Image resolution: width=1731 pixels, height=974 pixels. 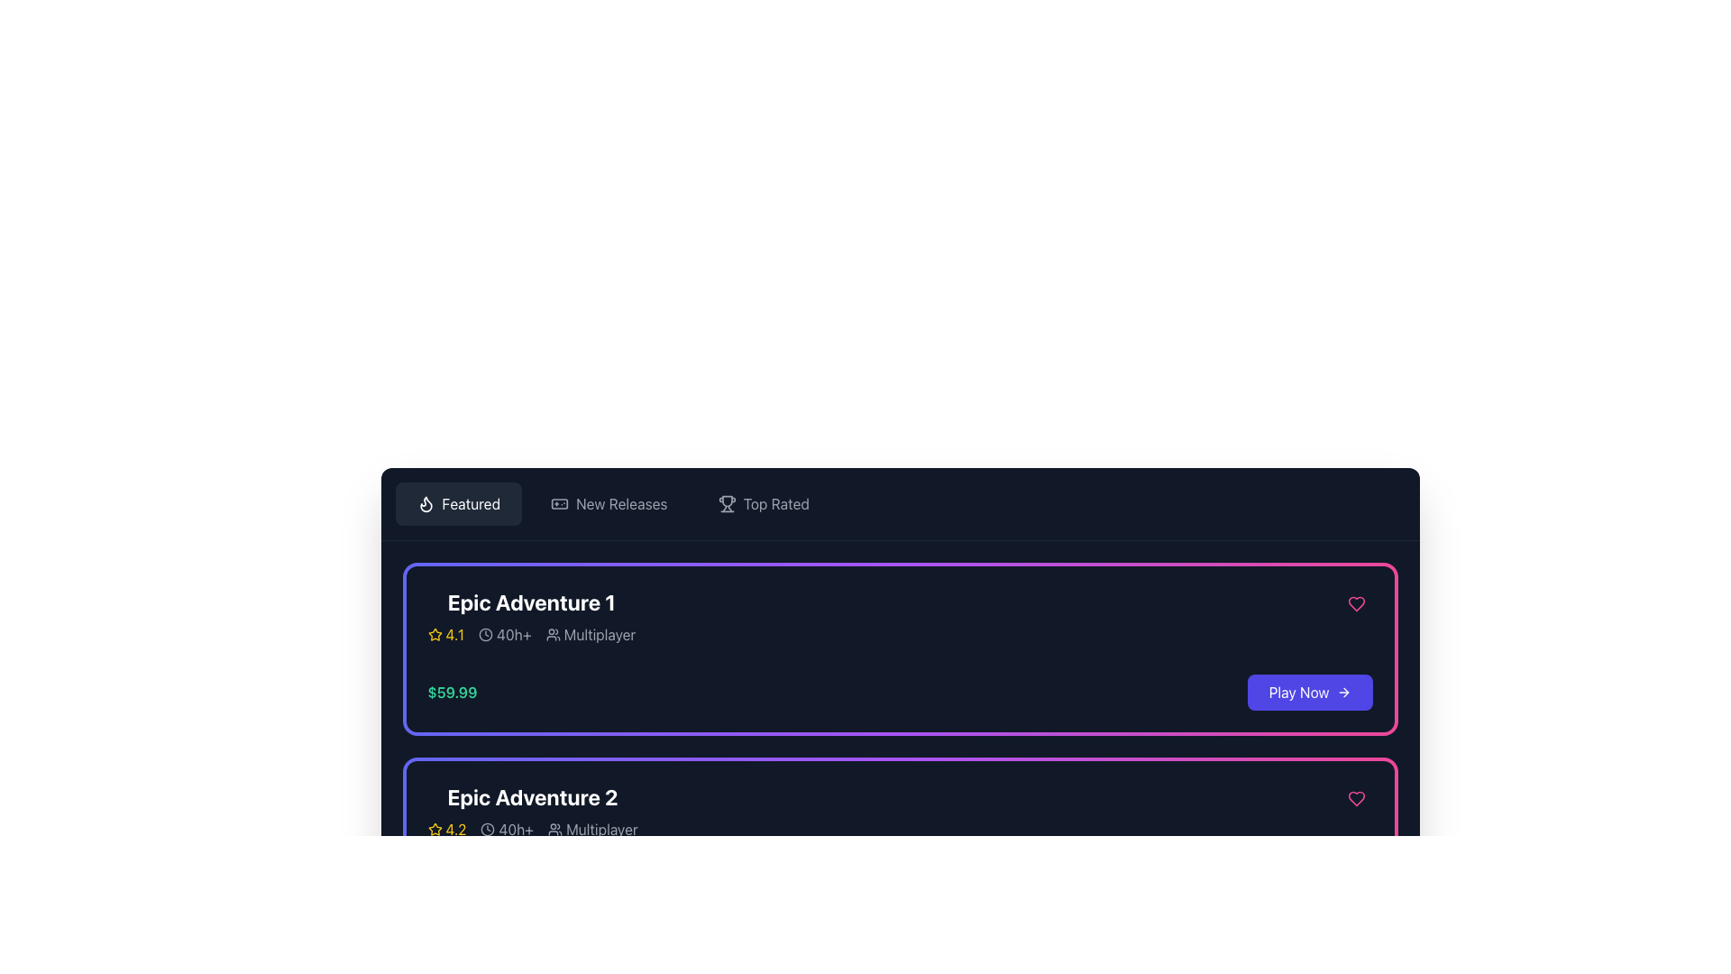 I want to click on the heart-shaped icon button with a pink border located in the top right corner of the card representing 'Epic Adventure 1', so click(x=1356, y=798).